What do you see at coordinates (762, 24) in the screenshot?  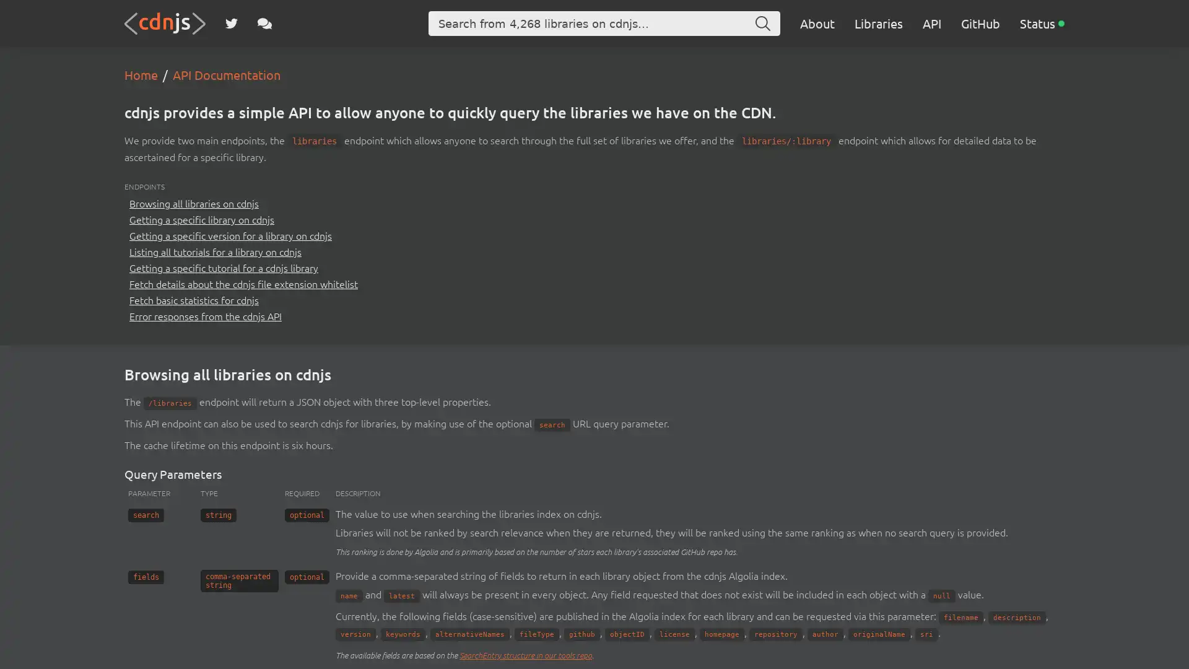 I see `Search` at bounding box center [762, 24].